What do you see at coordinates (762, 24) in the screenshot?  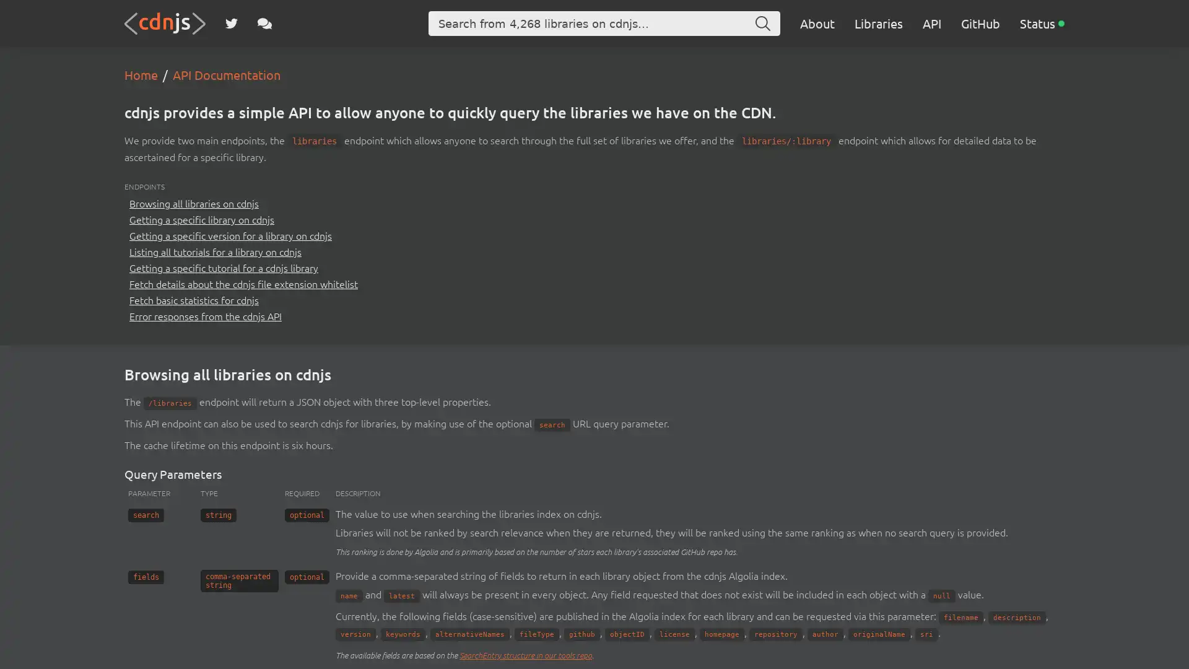 I see `Search` at bounding box center [762, 24].